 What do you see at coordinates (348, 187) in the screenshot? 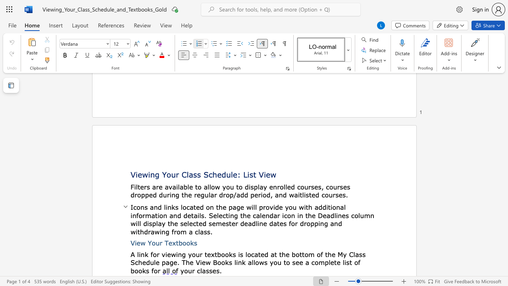
I see `the 6th character "s" in the text` at bounding box center [348, 187].